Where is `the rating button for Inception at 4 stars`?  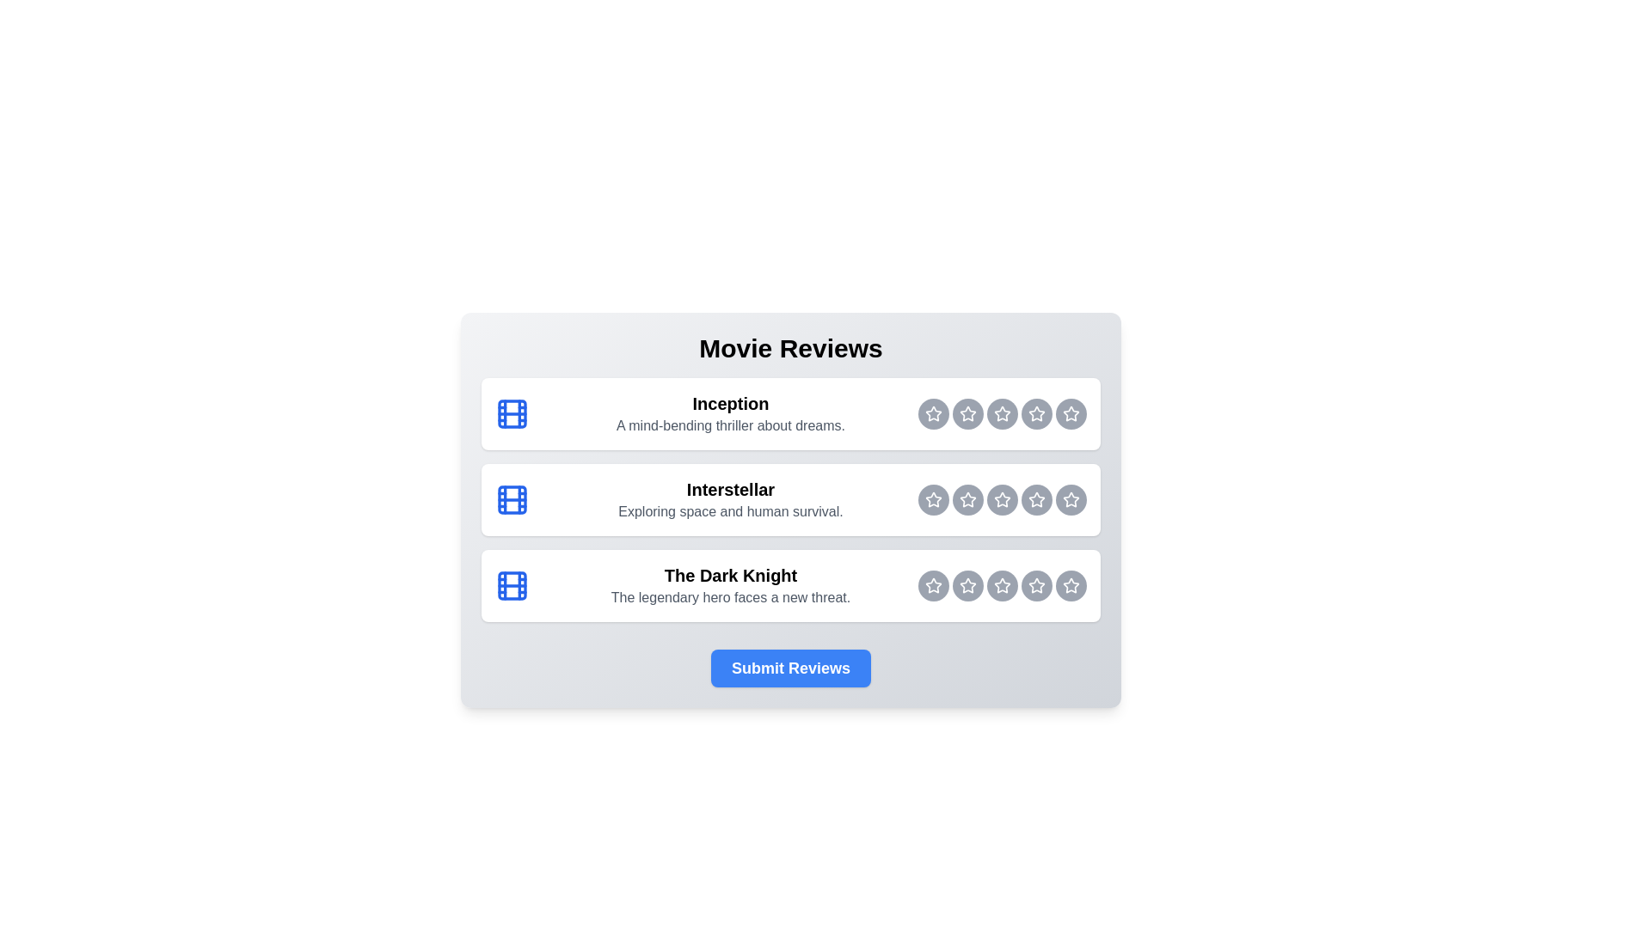
the rating button for Inception at 4 stars is located at coordinates (1035, 414).